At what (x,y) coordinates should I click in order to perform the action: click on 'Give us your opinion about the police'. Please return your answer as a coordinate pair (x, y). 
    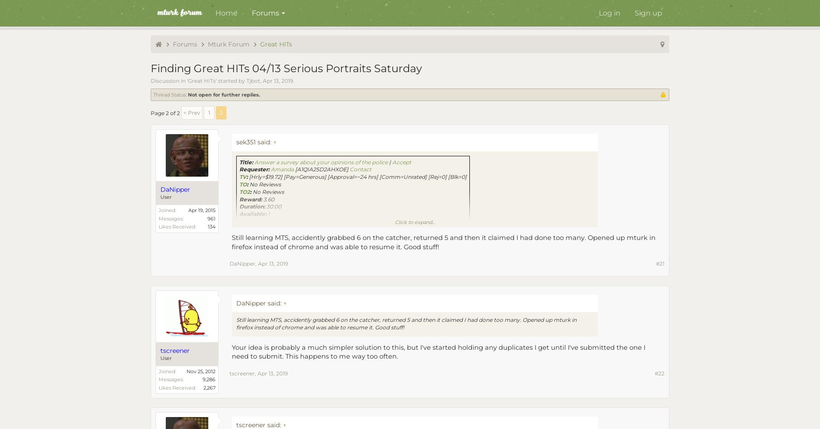
    Looking at the image, I should click on (273, 221).